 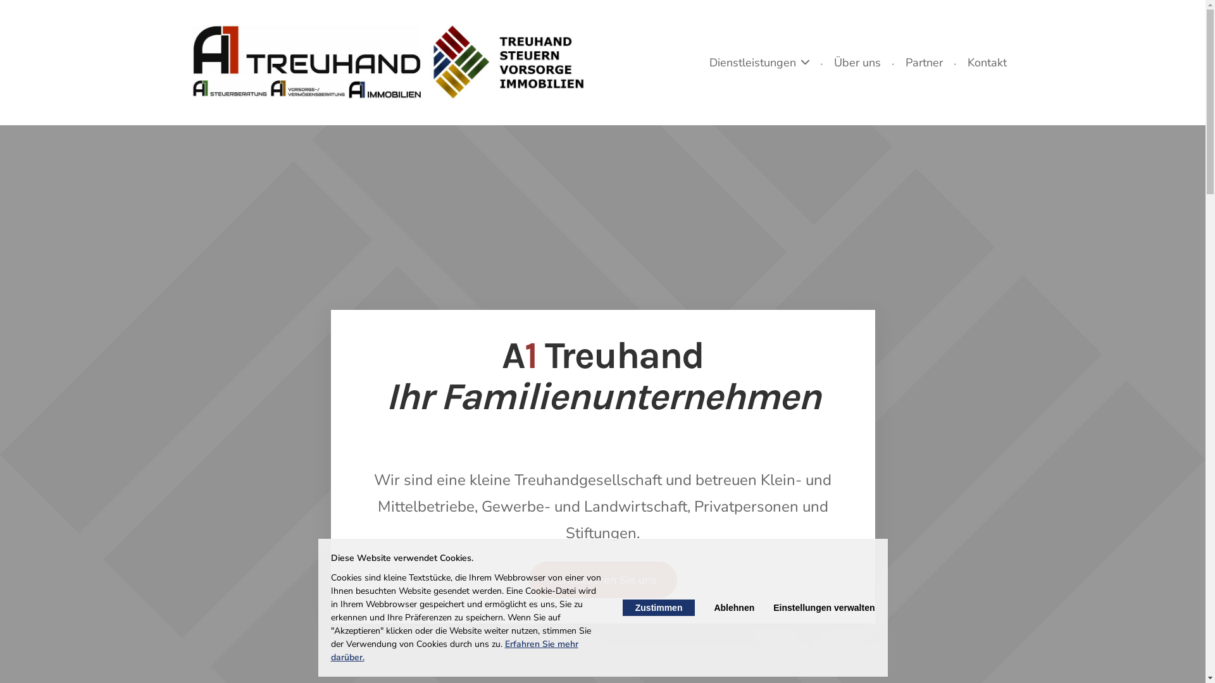 I want to click on 'Kontakt', so click(x=987, y=63).